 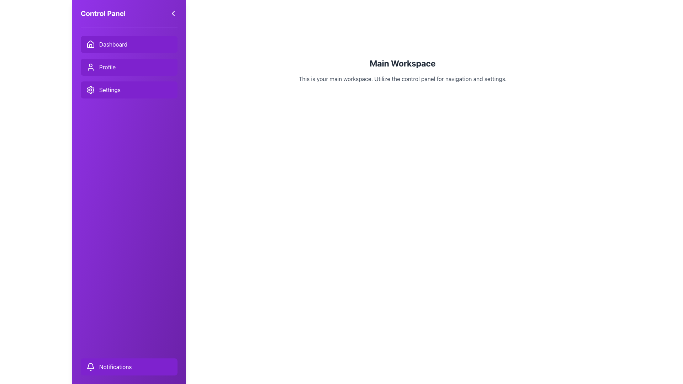 What do you see at coordinates (173, 14) in the screenshot?
I see `the leftward-facing chevron button in the top-right corner of the purple control panel header` at bounding box center [173, 14].